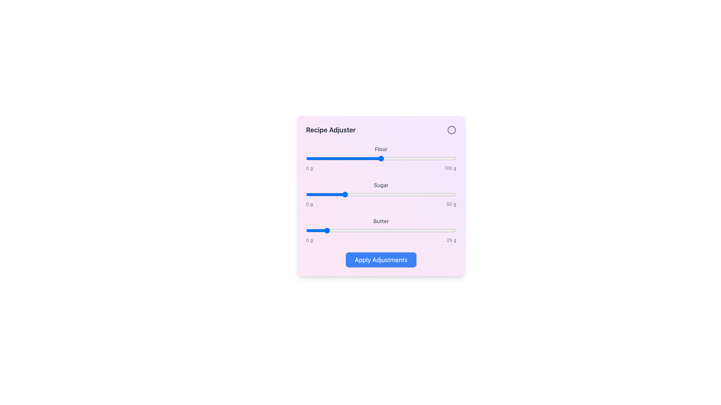  I want to click on the text label displaying '0 g' and '50 g' located beneath the 'Sugar' slider, so click(381, 204).